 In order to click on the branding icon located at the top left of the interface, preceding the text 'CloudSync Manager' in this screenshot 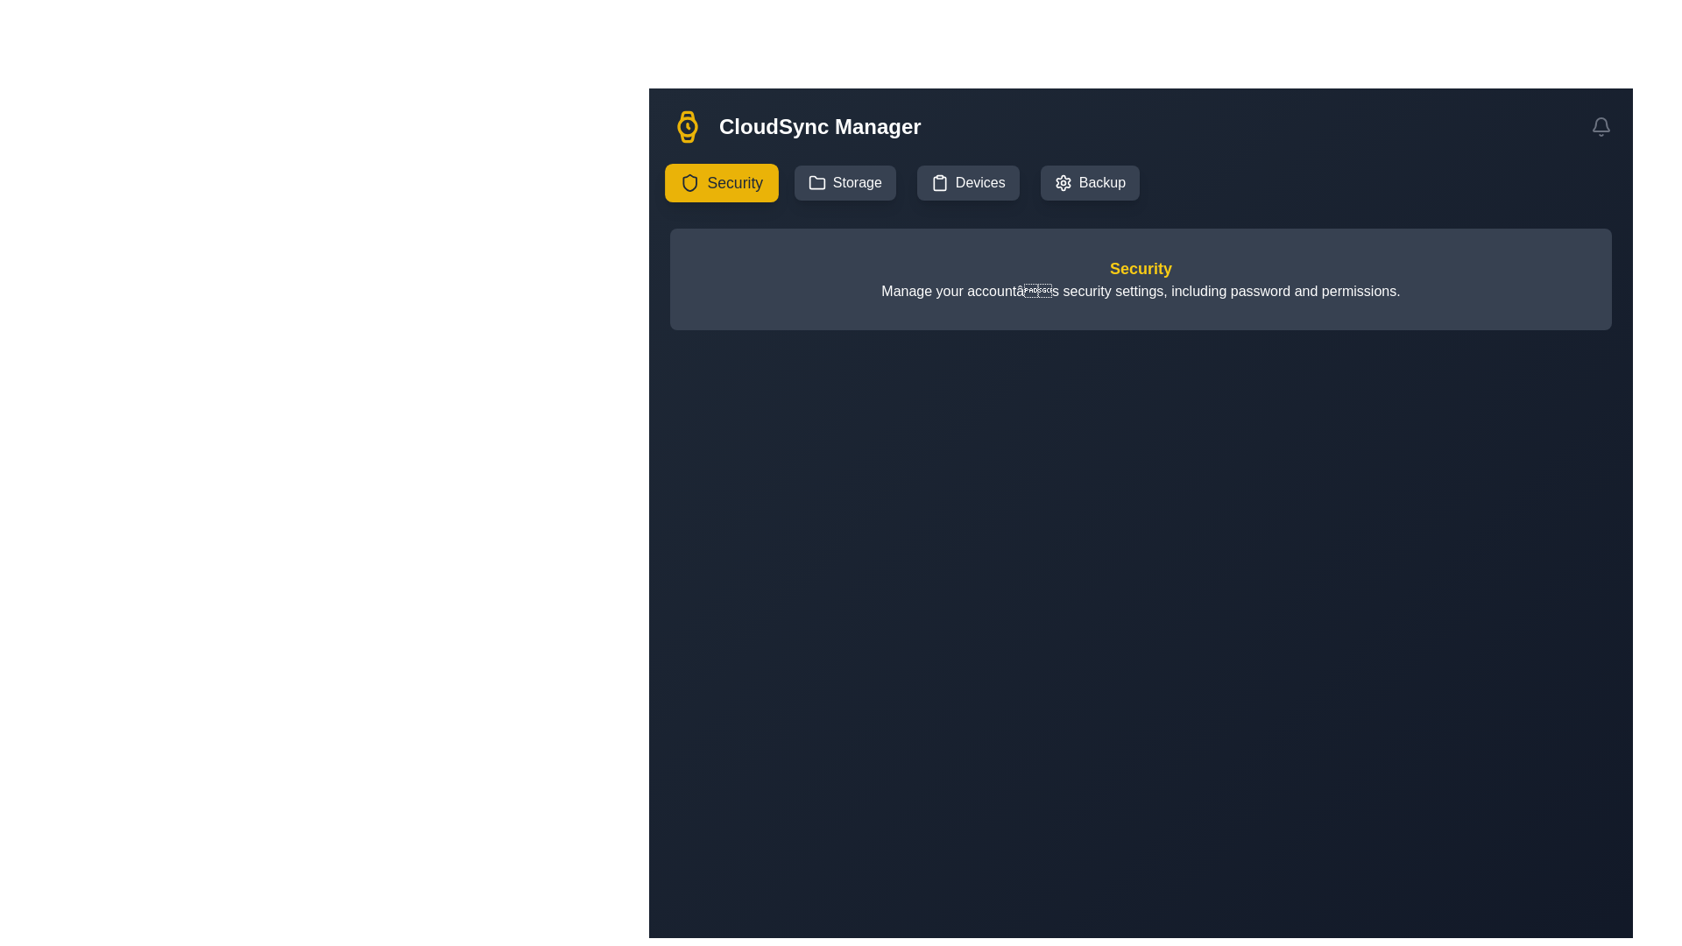, I will do `click(687, 126)`.